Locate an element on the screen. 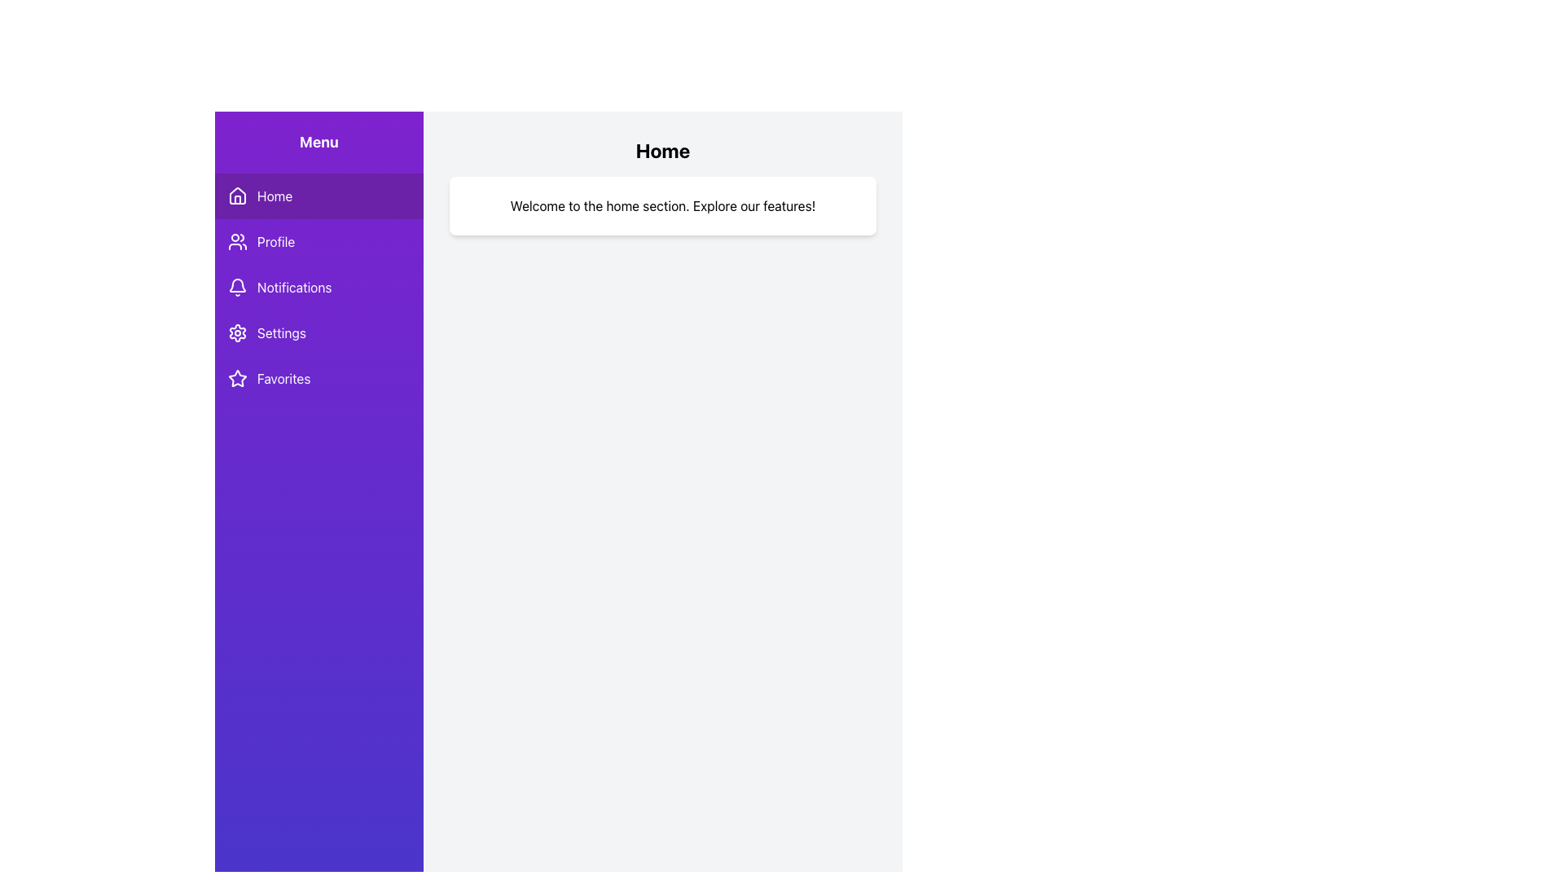 This screenshot has width=1564, height=880. the Button (Navigation Menu Item) that navigates to the settings section of the application by clicking it is located at coordinates (319, 332).